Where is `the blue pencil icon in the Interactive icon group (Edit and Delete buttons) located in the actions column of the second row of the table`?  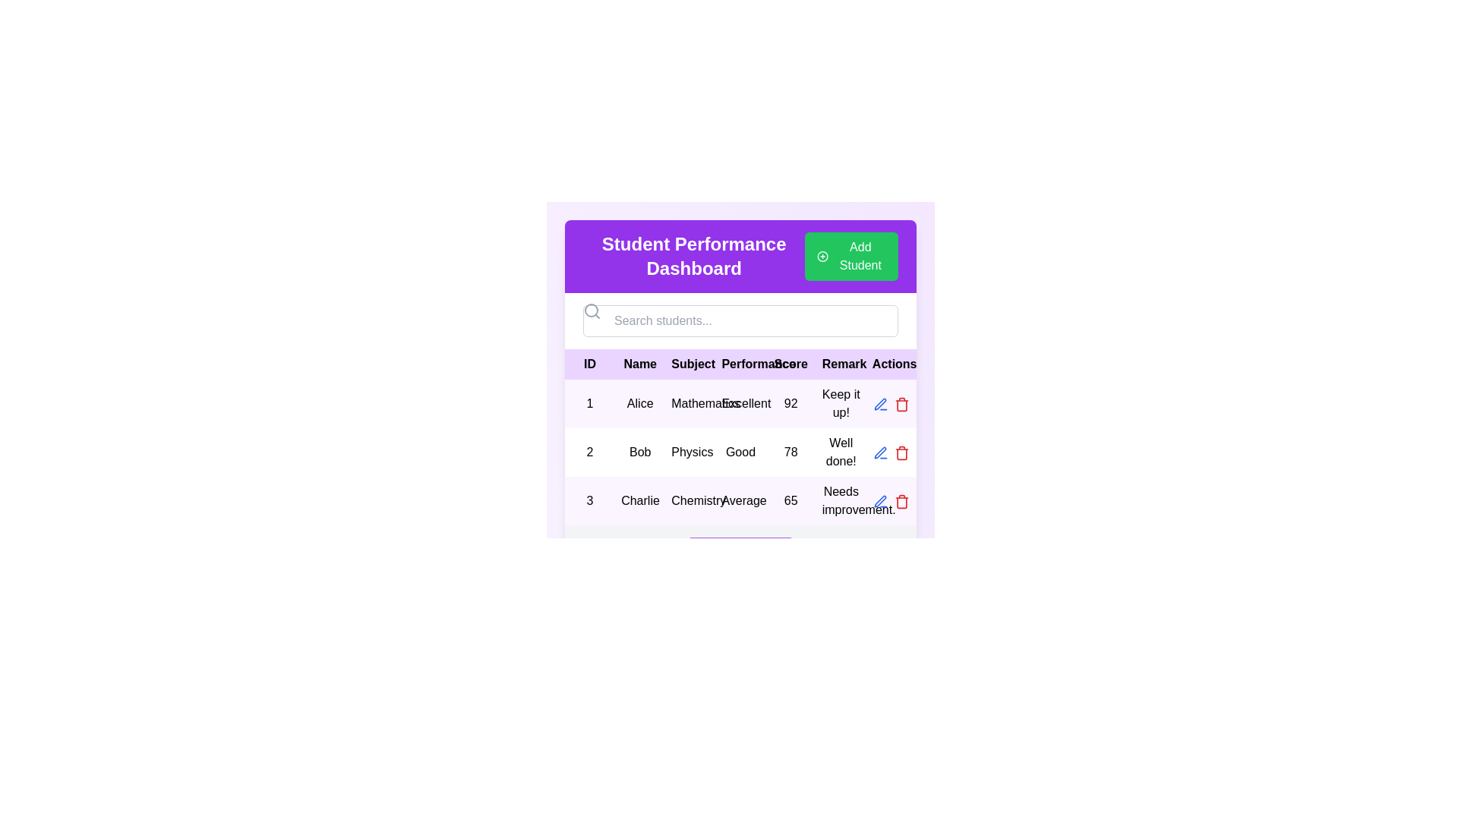 the blue pencil icon in the Interactive icon group (Edit and Delete buttons) located in the actions column of the second row of the table is located at coordinates (891, 452).